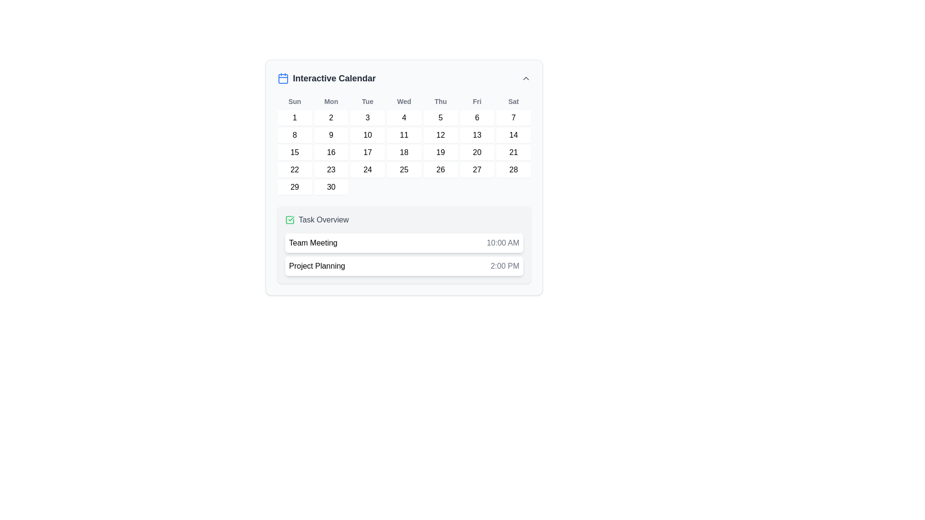 The image size is (925, 520). What do you see at coordinates (404, 146) in the screenshot?
I see `a date within the Interactive Calendar grid` at bounding box center [404, 146].